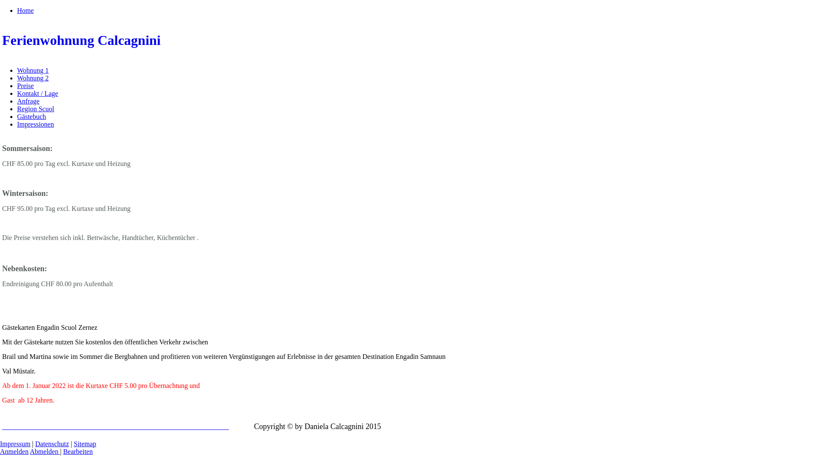 This screenshot has width=821, height=462. I want to click on 'Kontakt / Lage', so click(37, 93).